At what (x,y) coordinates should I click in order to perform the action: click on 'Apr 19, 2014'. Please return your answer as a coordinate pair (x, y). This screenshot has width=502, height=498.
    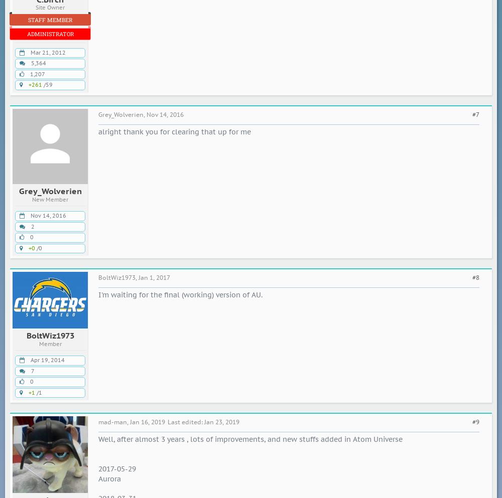
    Looking at the image, I should click on (31, 360).